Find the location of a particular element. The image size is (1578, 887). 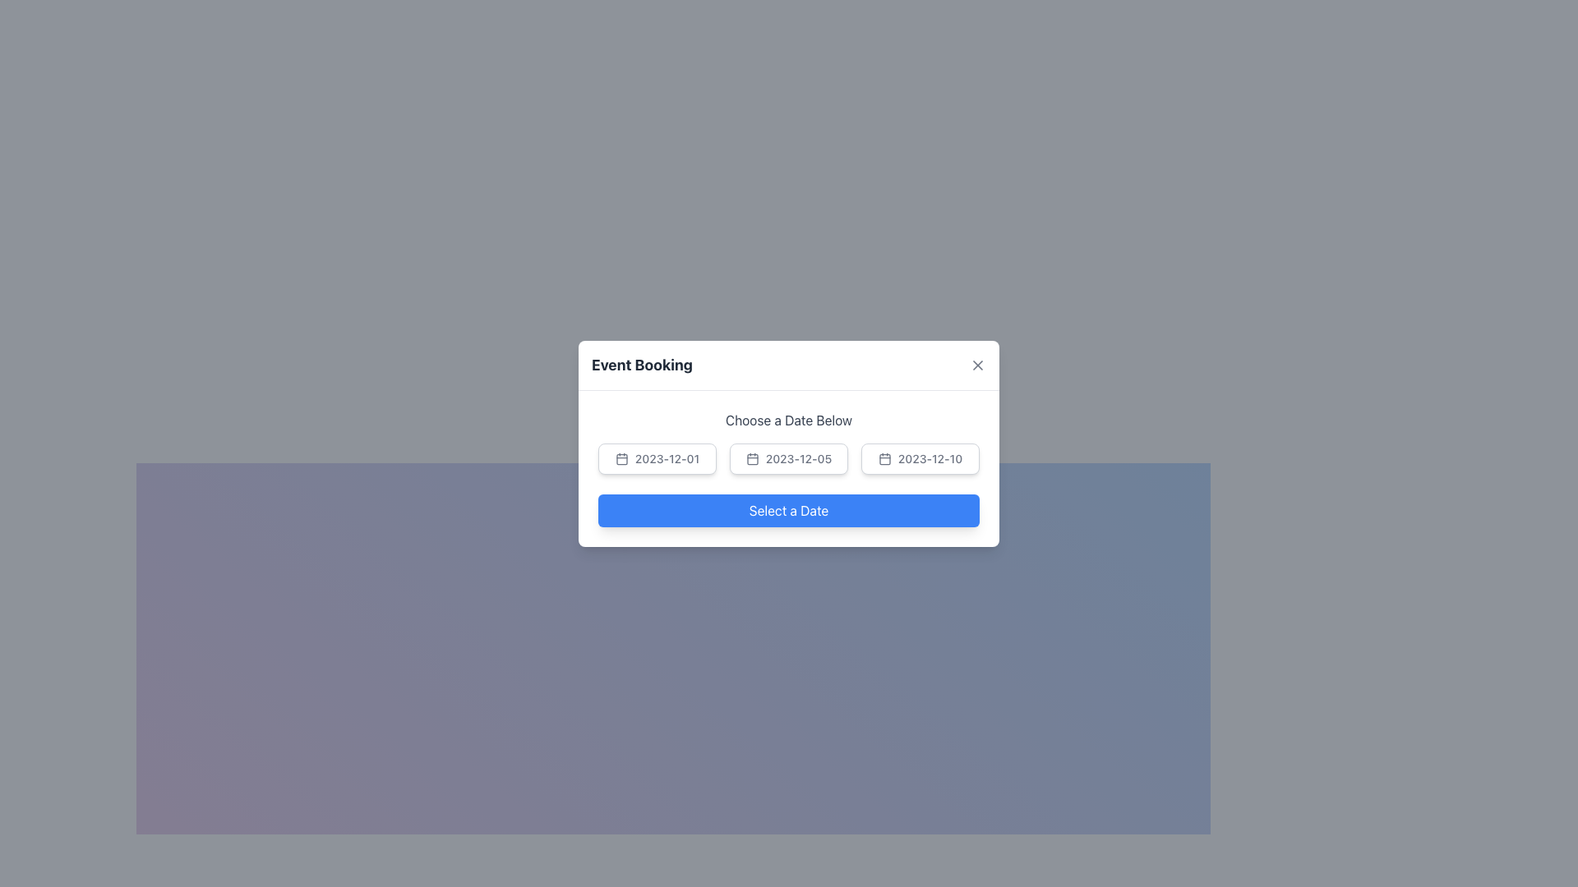

the small red calendar icon associated with the date '2023-12-10' for further navigation is located at coordinates (884, 459).